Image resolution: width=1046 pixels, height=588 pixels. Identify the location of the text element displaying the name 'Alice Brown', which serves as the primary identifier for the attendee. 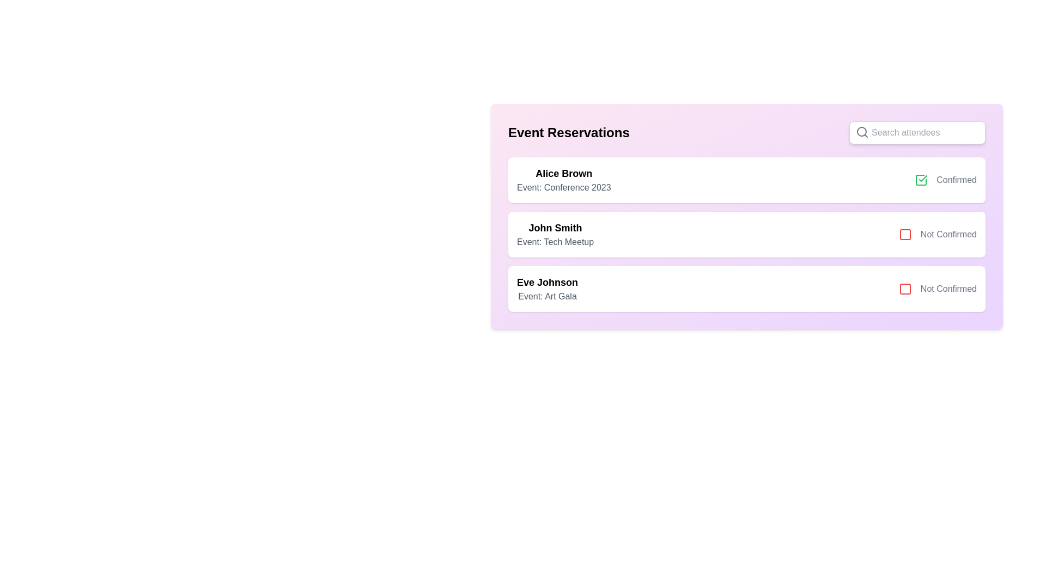
(564, 173).